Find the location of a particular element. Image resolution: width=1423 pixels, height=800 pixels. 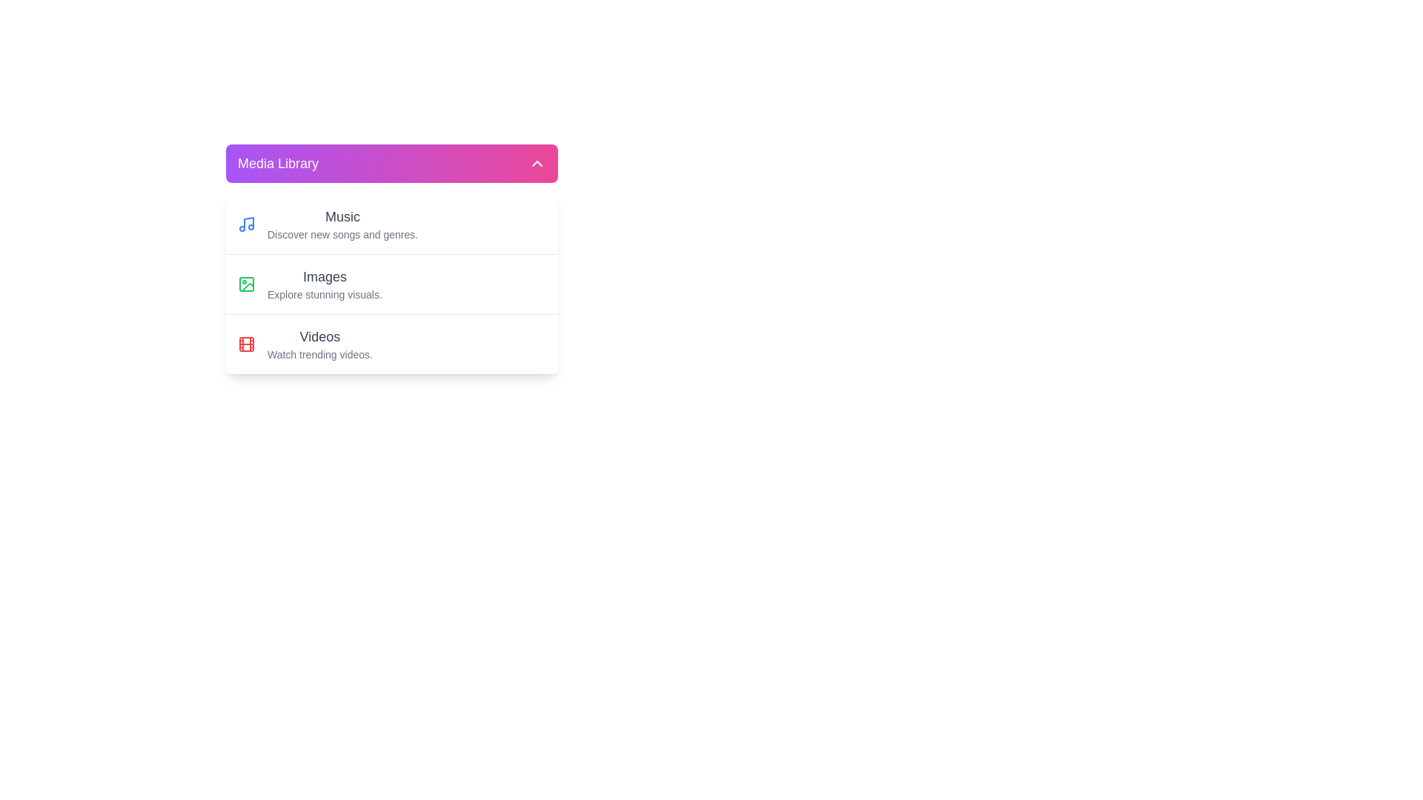

the 'Music' category icon located at the leftmost position in the 'Media Library' section is located at coordinates (246, 224).